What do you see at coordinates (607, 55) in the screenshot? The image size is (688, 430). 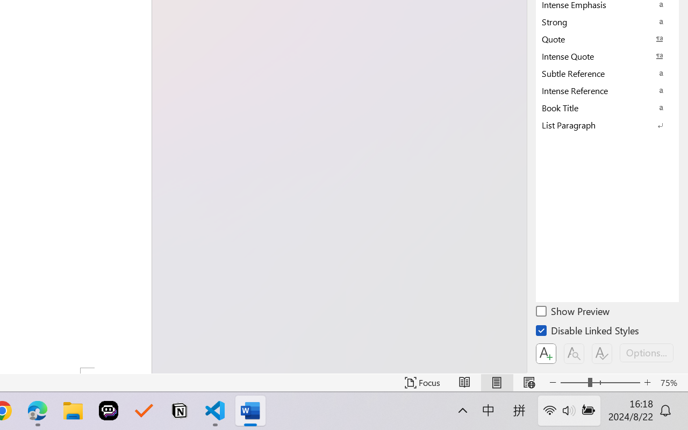 I see `'Intense Quote'` at bounding box center [607, 55].